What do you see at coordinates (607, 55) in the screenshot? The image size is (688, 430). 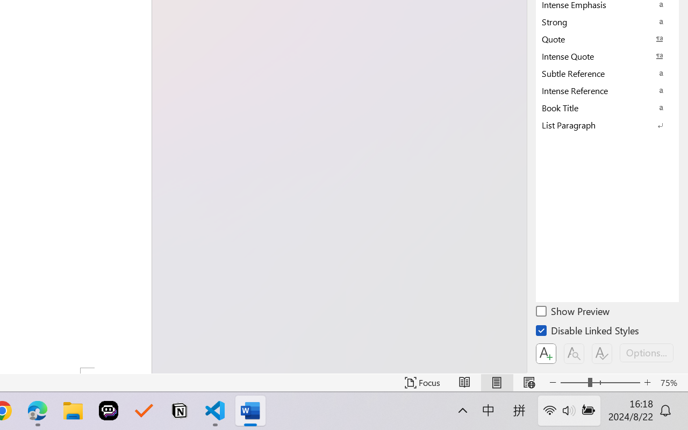 I see `'Intense Quote'` at bounding box center [607, 55].